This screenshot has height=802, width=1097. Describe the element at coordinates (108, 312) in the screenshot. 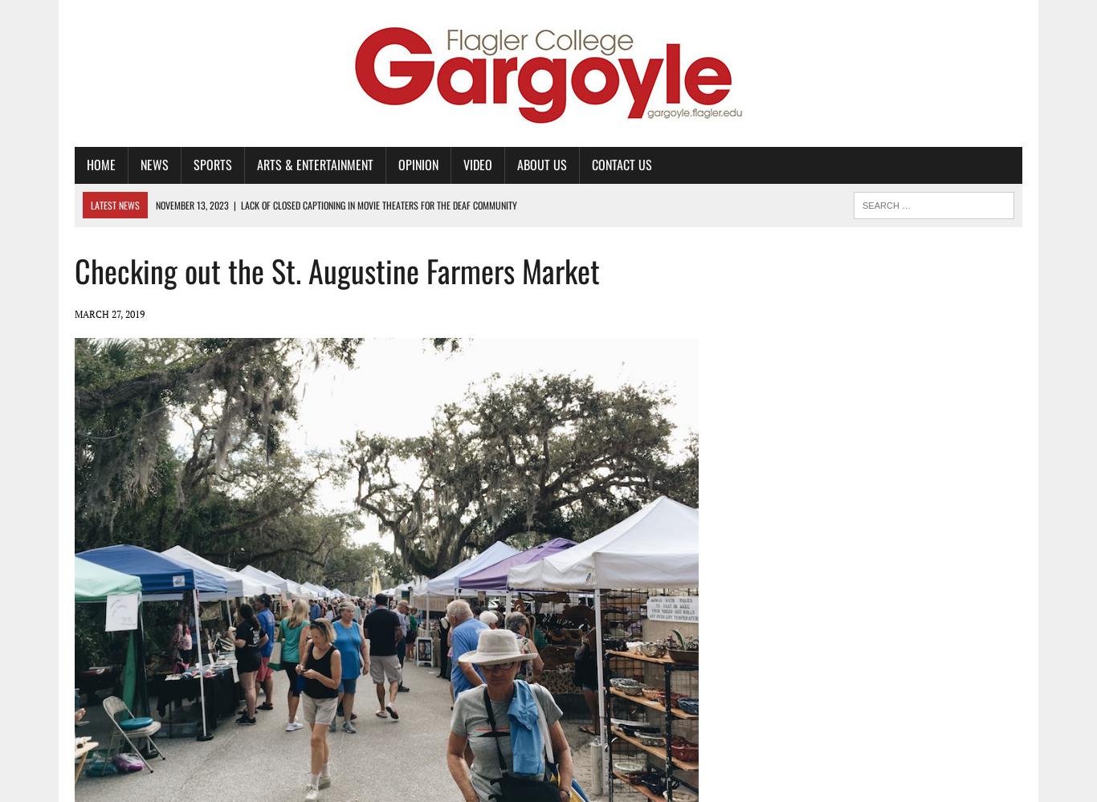

I see `'March 27, 2019'` at that location.